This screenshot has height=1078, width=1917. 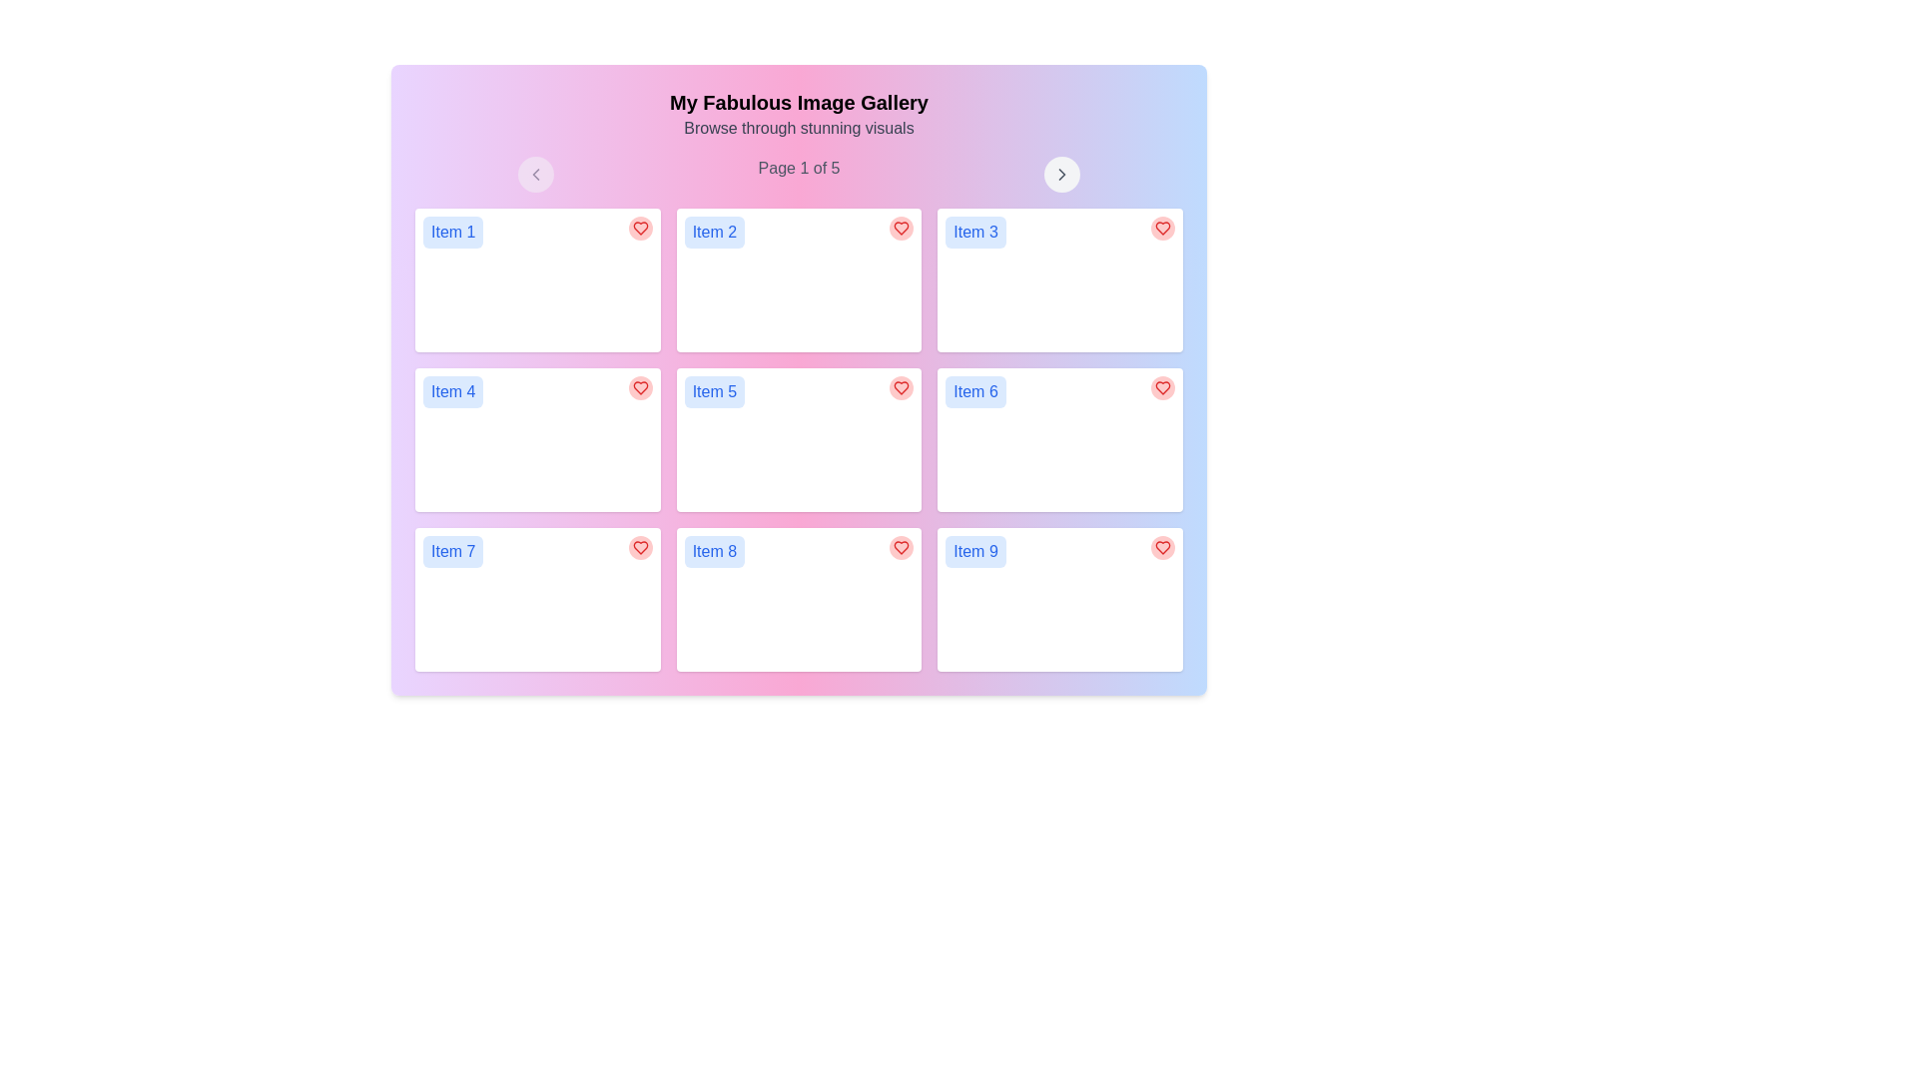 I want to click on the 'like' button located in the top-right corner of the card labeled 'Item 4', so click(x=640, y=388).